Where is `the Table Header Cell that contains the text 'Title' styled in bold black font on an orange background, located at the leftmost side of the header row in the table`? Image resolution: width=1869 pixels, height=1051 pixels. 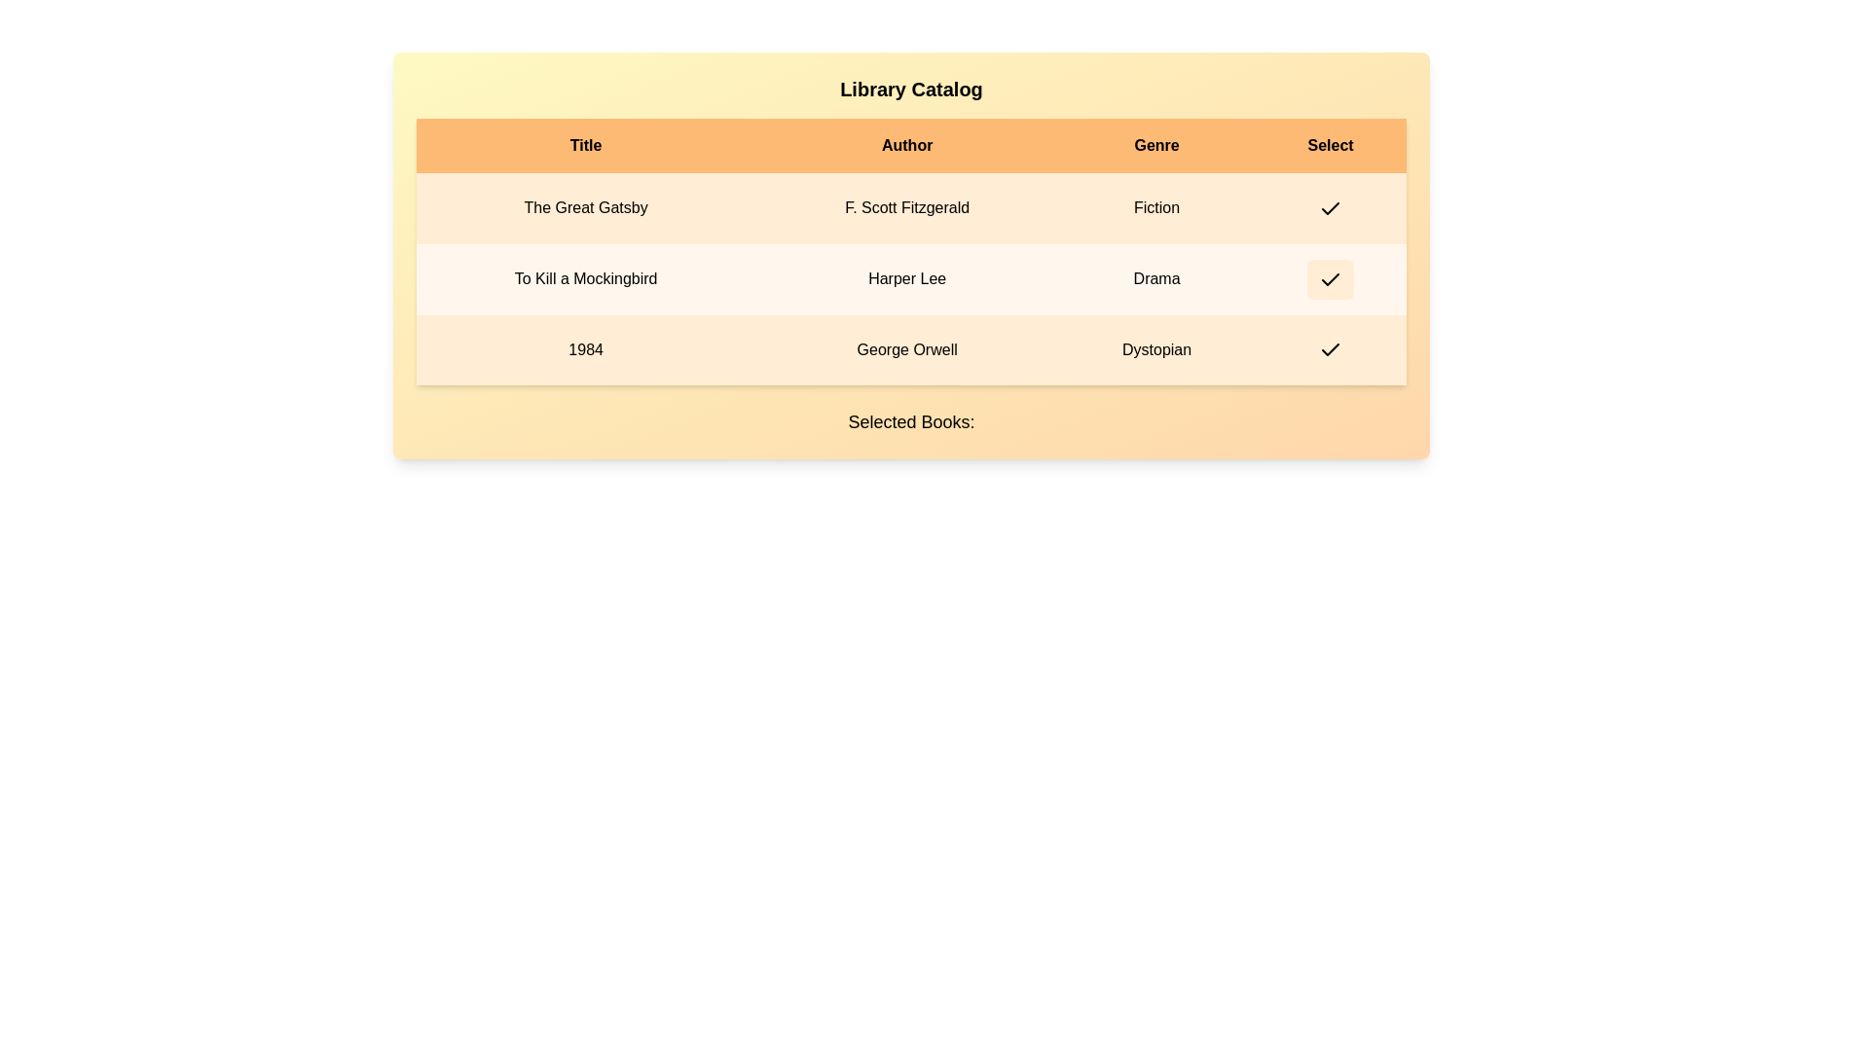
the Table Header Cell that contains the text 'Title' styled in bold black font on an orange background, located at the leftmost side of the header row in the table is located at coordinates (585, 145).